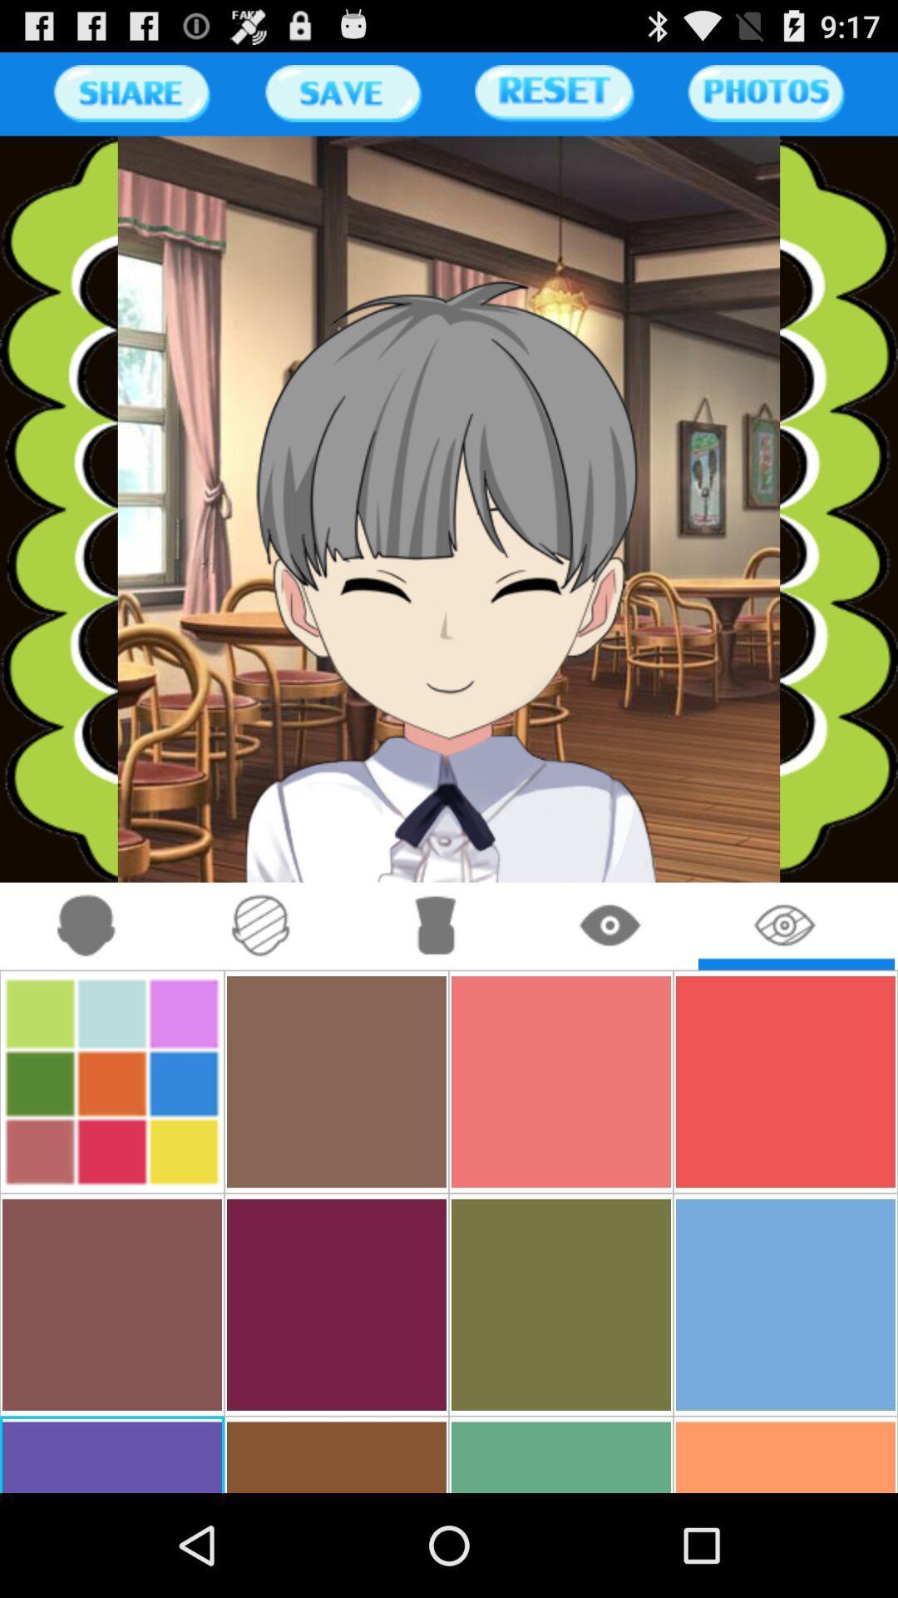  What do you see at coordinates (131, 99) in the screenshot?
I see `the sliders icon` at bounding box center [131, 99].